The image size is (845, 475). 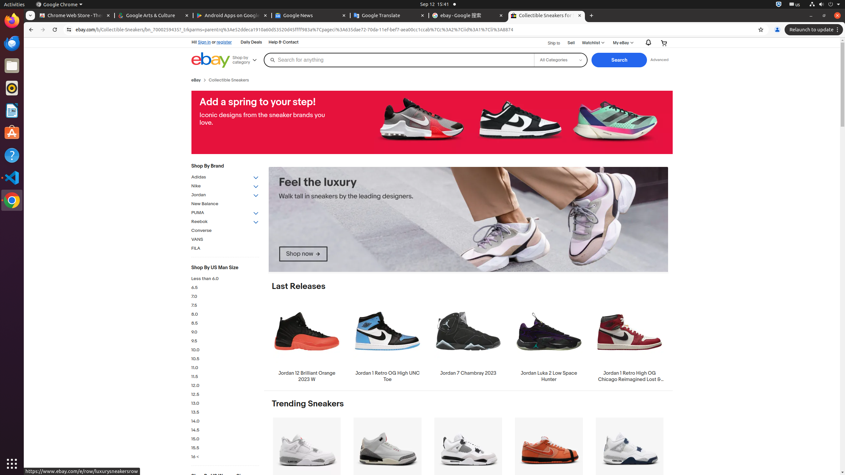 I want to click on 'Thunderbird Mail', so click(x=12, y=43).